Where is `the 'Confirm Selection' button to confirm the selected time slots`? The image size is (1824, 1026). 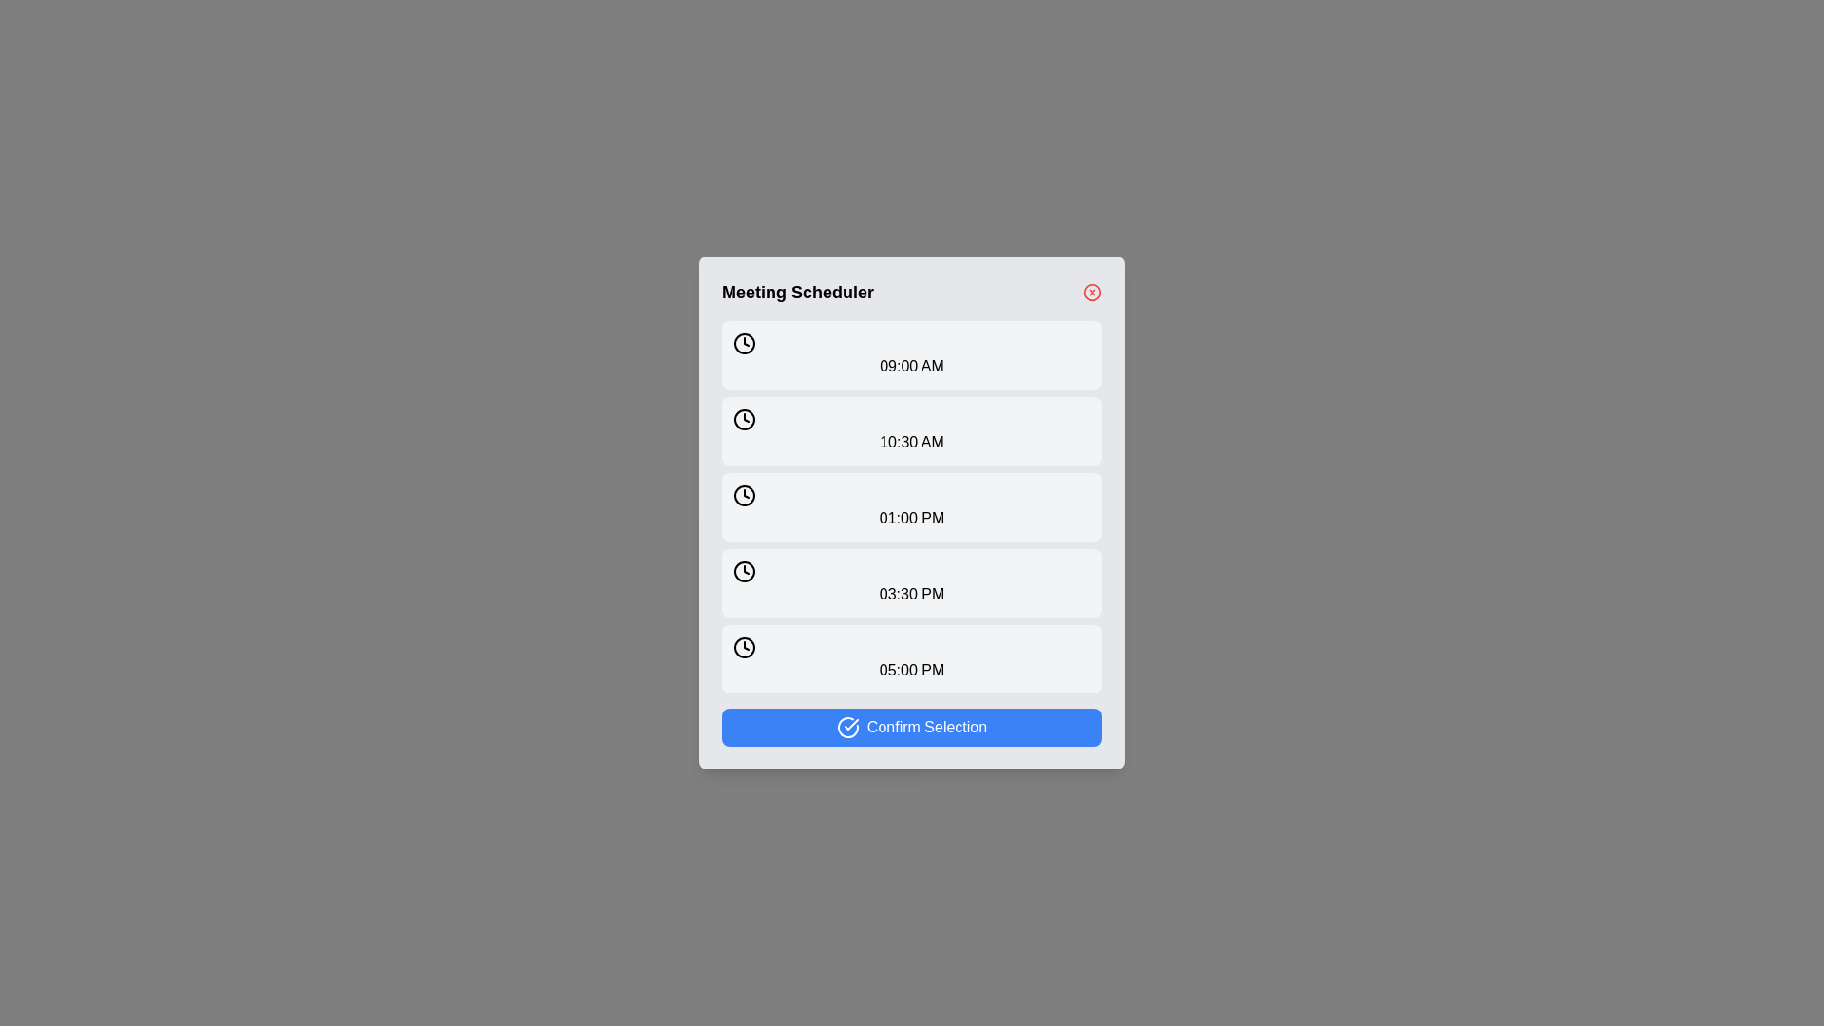 the 'Confirm Selection' button to confirm the selected time slots is located at coordinates (912, 727).